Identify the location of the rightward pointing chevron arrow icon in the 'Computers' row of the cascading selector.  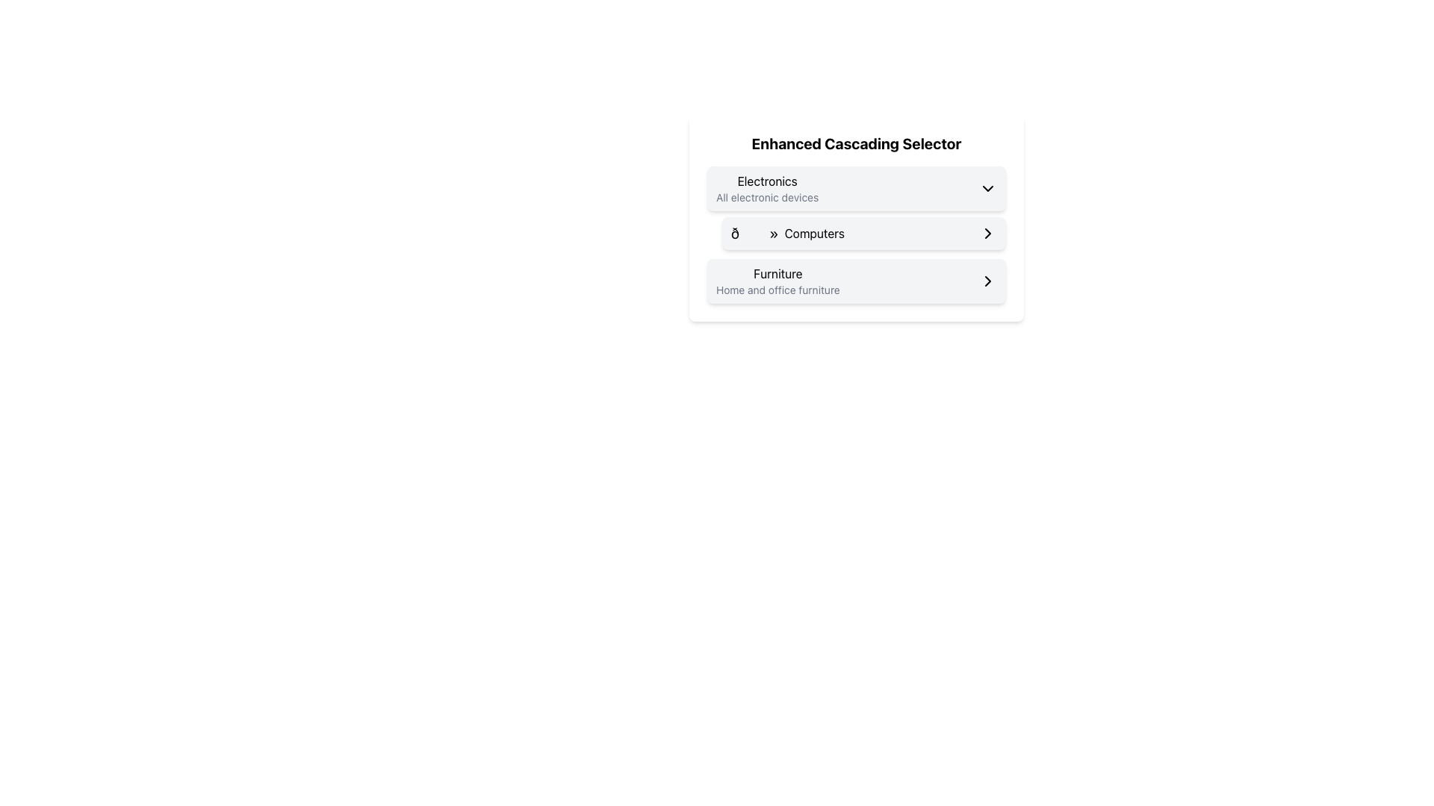
(988, 233).